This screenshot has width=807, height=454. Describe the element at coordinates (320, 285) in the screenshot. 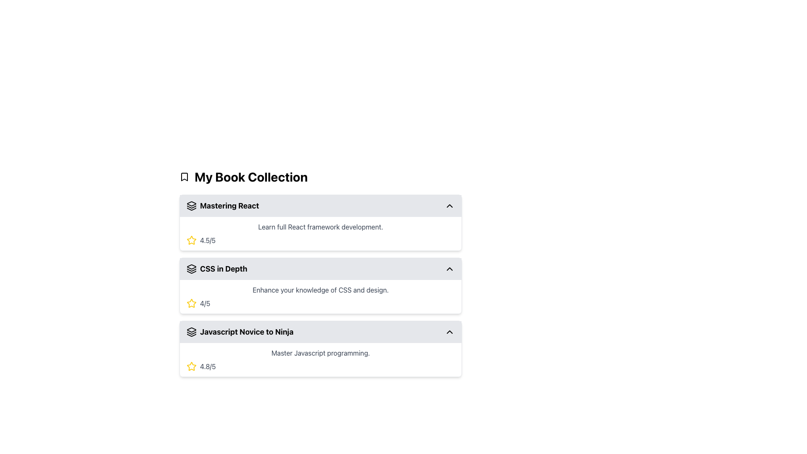

I see `the title 'CSS in Depth' in the book details card` at that location.